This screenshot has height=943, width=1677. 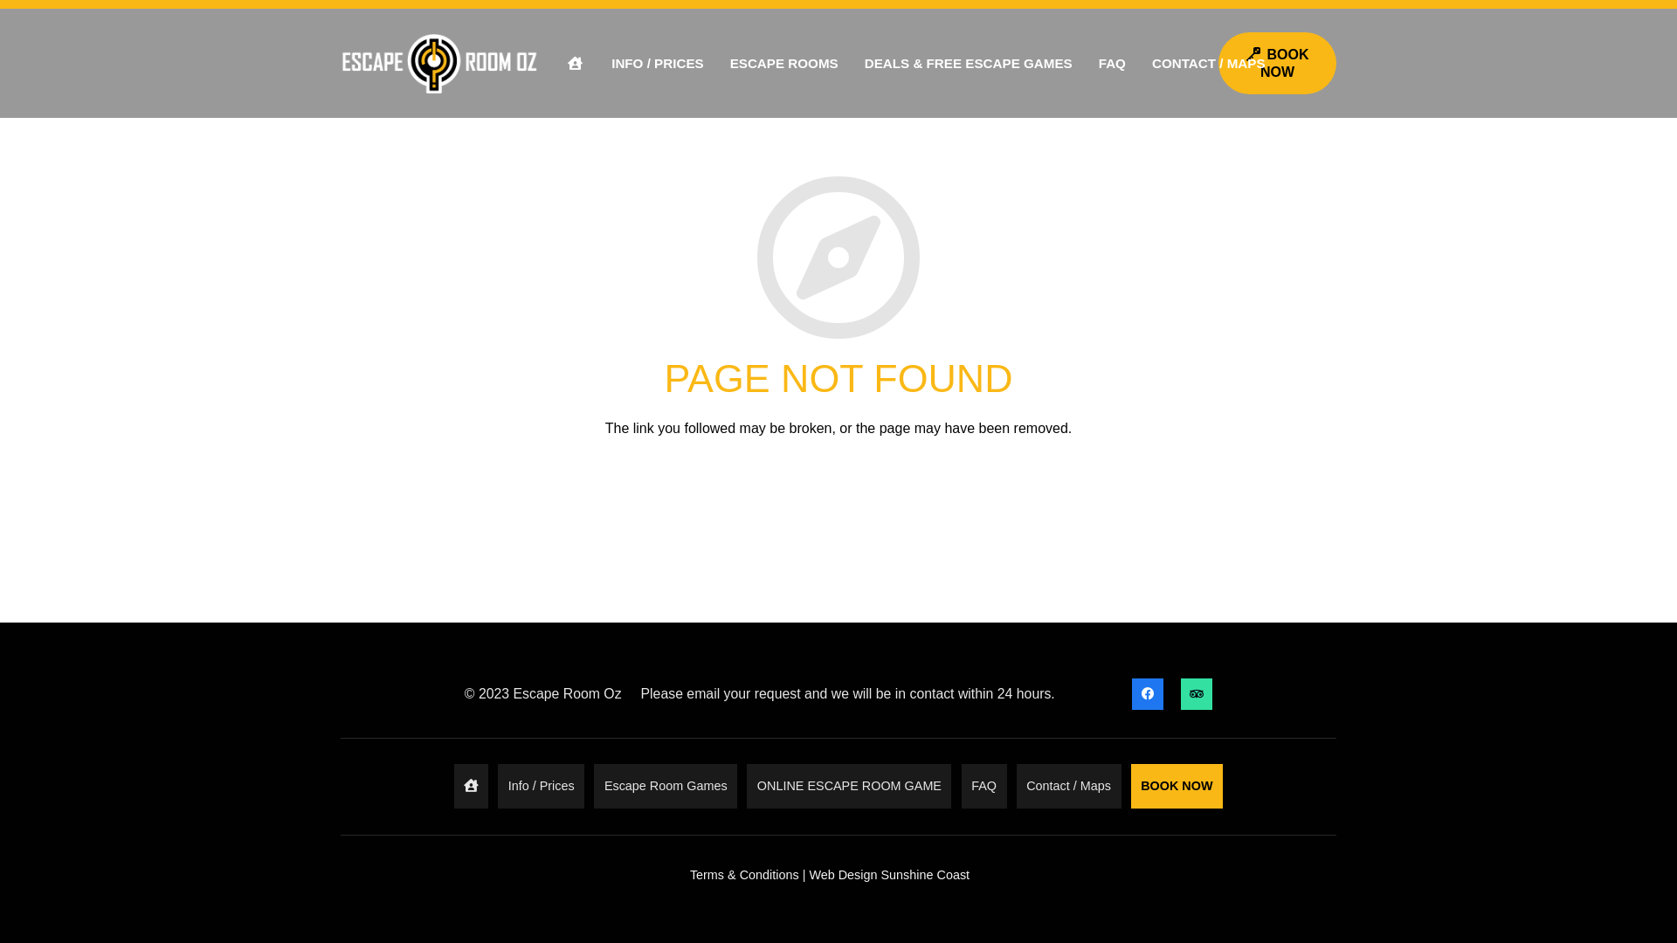 I want to click on 'Escape Room Games', so click(x=594, y=786).